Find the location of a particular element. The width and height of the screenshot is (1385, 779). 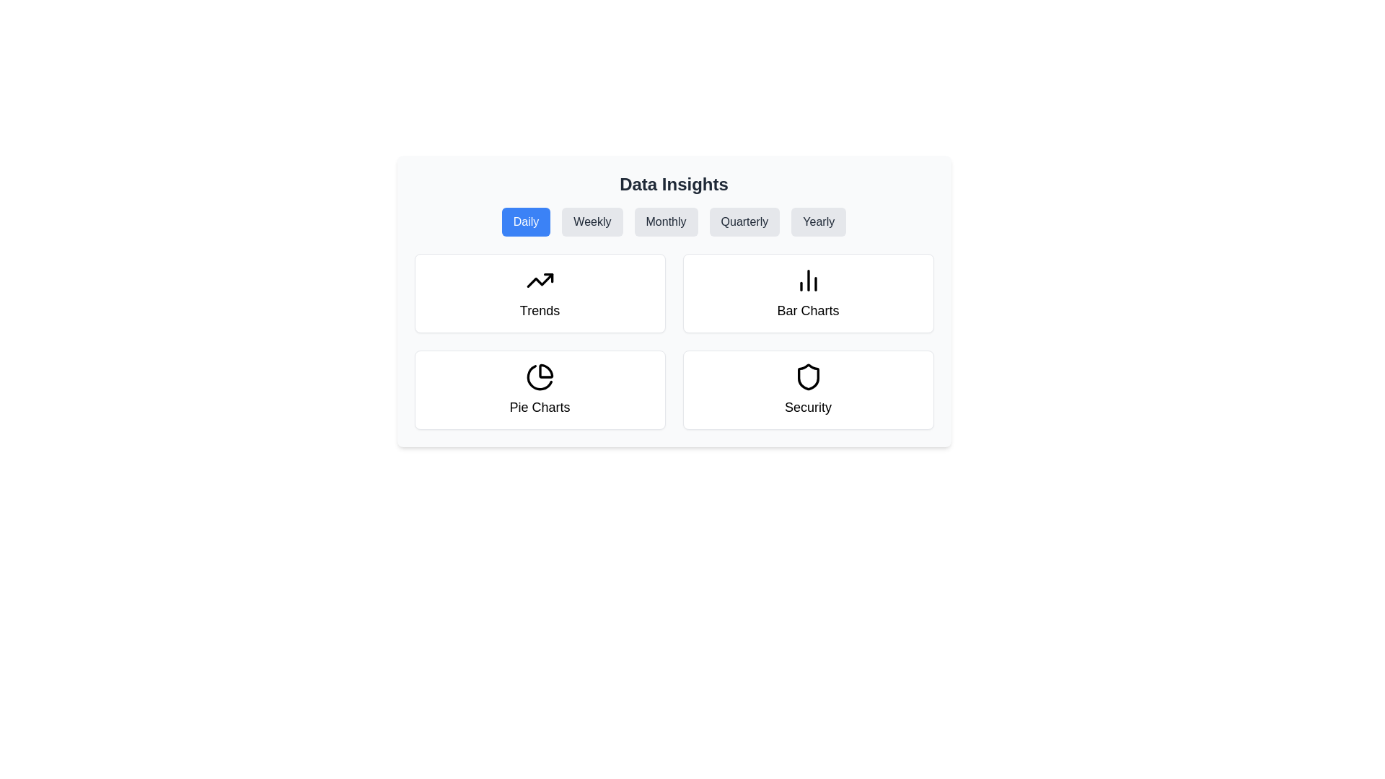

text label displaying 'Trends' located in the top-left card of the 'Data Insights' section, positioned below an upward trending arrow icon is located at coordinates (539, 310).